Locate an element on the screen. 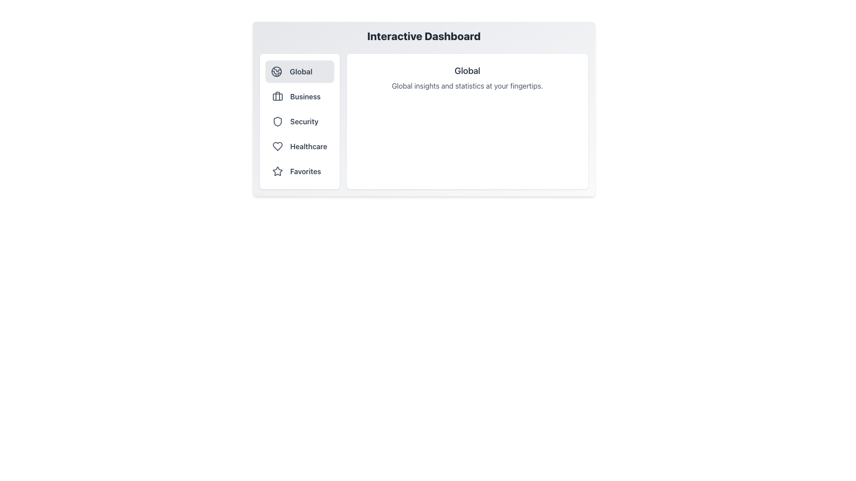  the 'Healthcare' button which features a heart-shaped icon on the left and bold gray text on the right is located at coordinates (300, 146).